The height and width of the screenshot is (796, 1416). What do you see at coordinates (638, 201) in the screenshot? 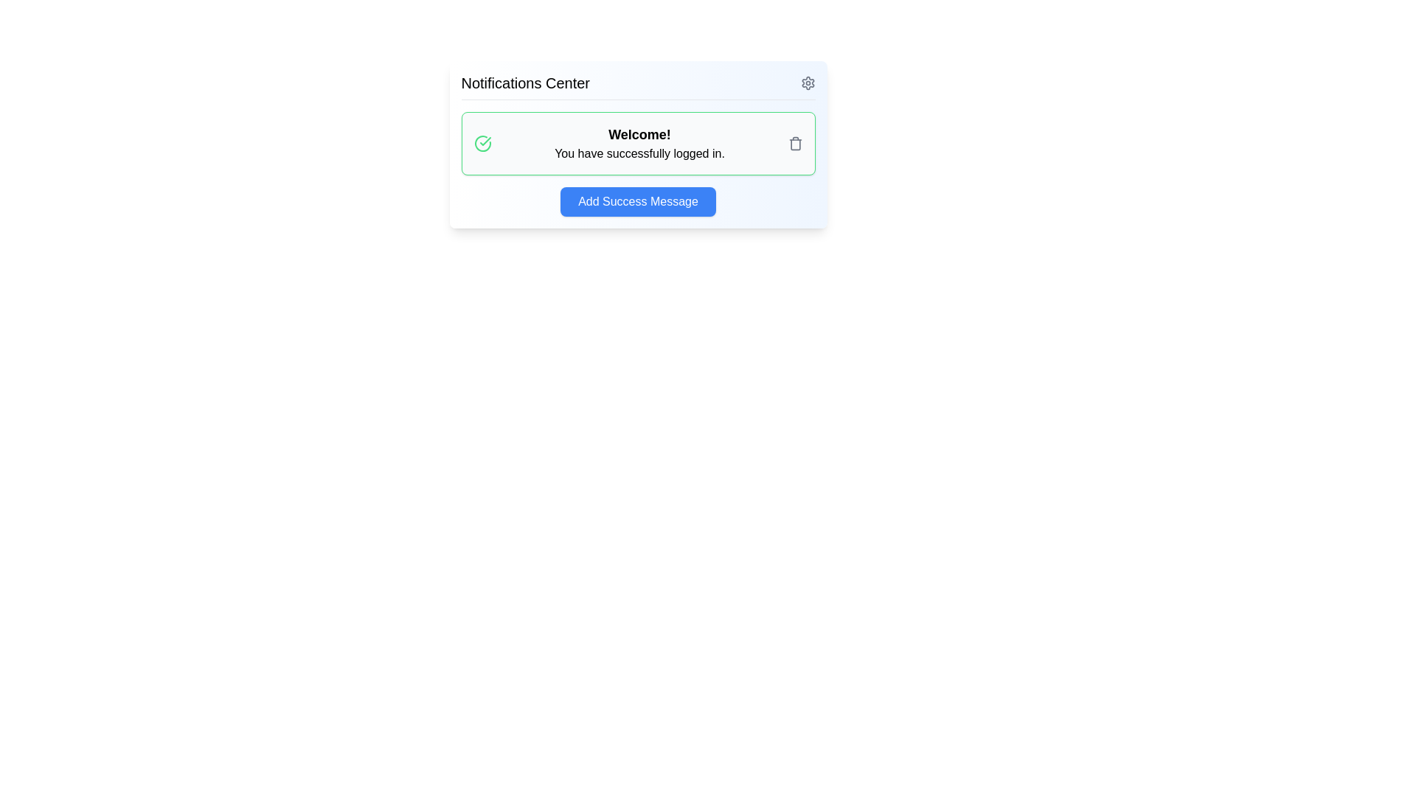
I see `the 'Add Success Message' button located at the bottom of the 'Notifications Center' card, directly beneath the message 'Welcome! You have successfully logged in.'` at bounding box center [638, 201].